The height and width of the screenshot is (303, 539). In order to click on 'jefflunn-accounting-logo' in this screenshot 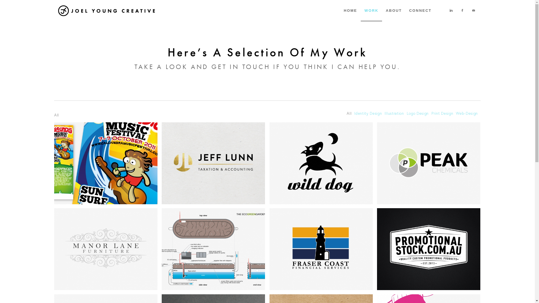, I will do `click(213, 163)`.